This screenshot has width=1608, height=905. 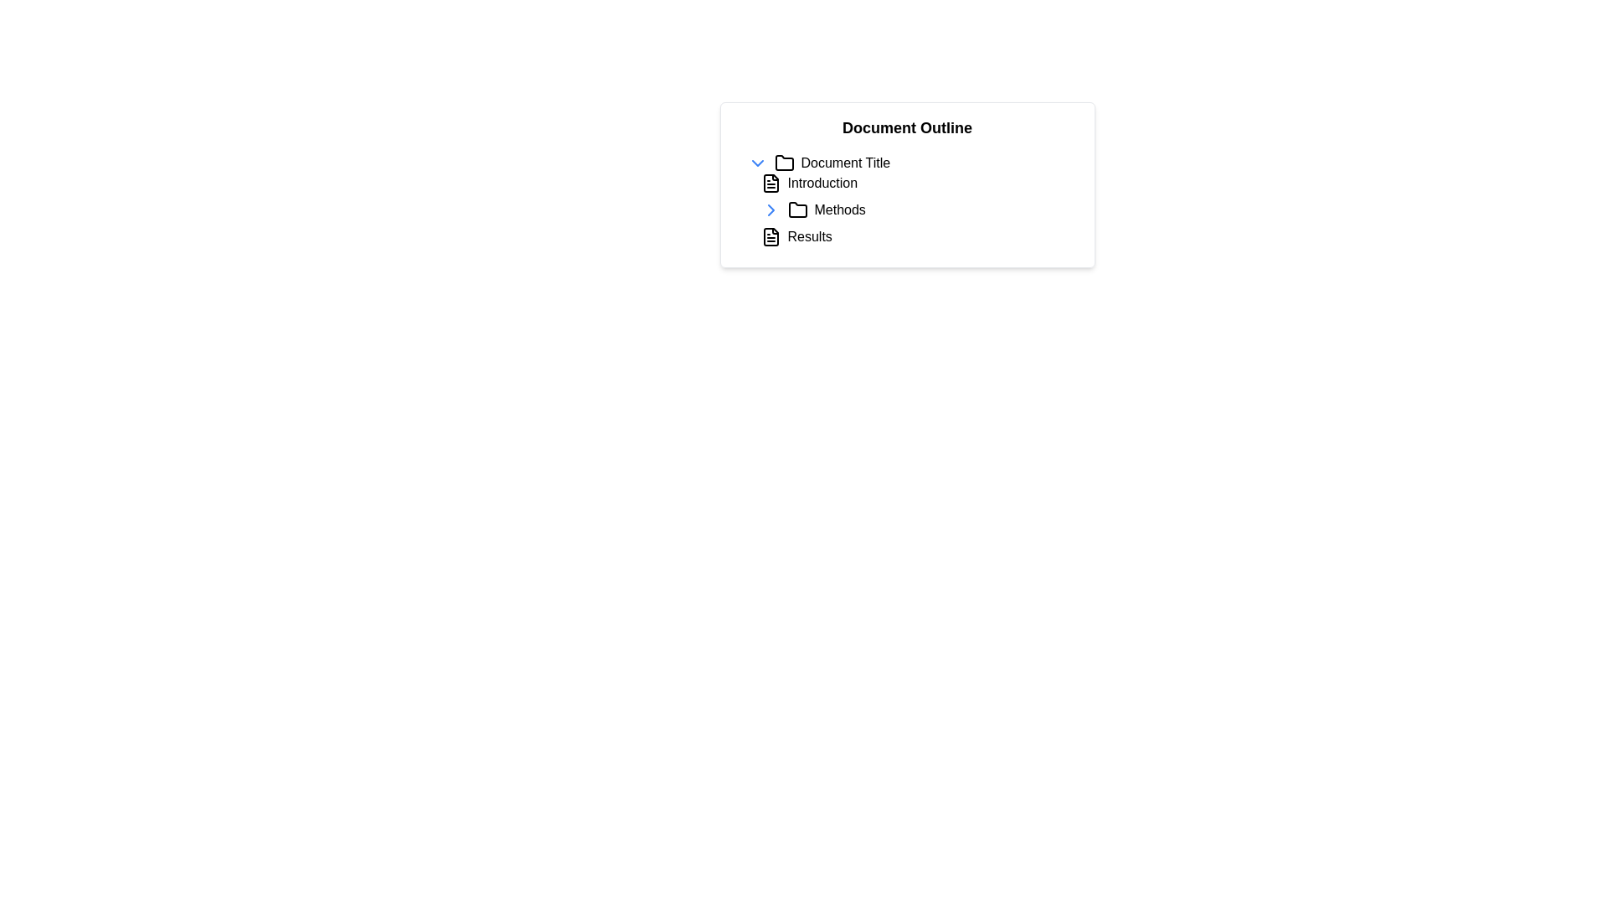 What do you see at coordinates (783, 163) in the screenshot?
I see `the folder icon located to the left of the 'Document Title' text in the 'Document Outline' section` at bounding box center [783, 163].